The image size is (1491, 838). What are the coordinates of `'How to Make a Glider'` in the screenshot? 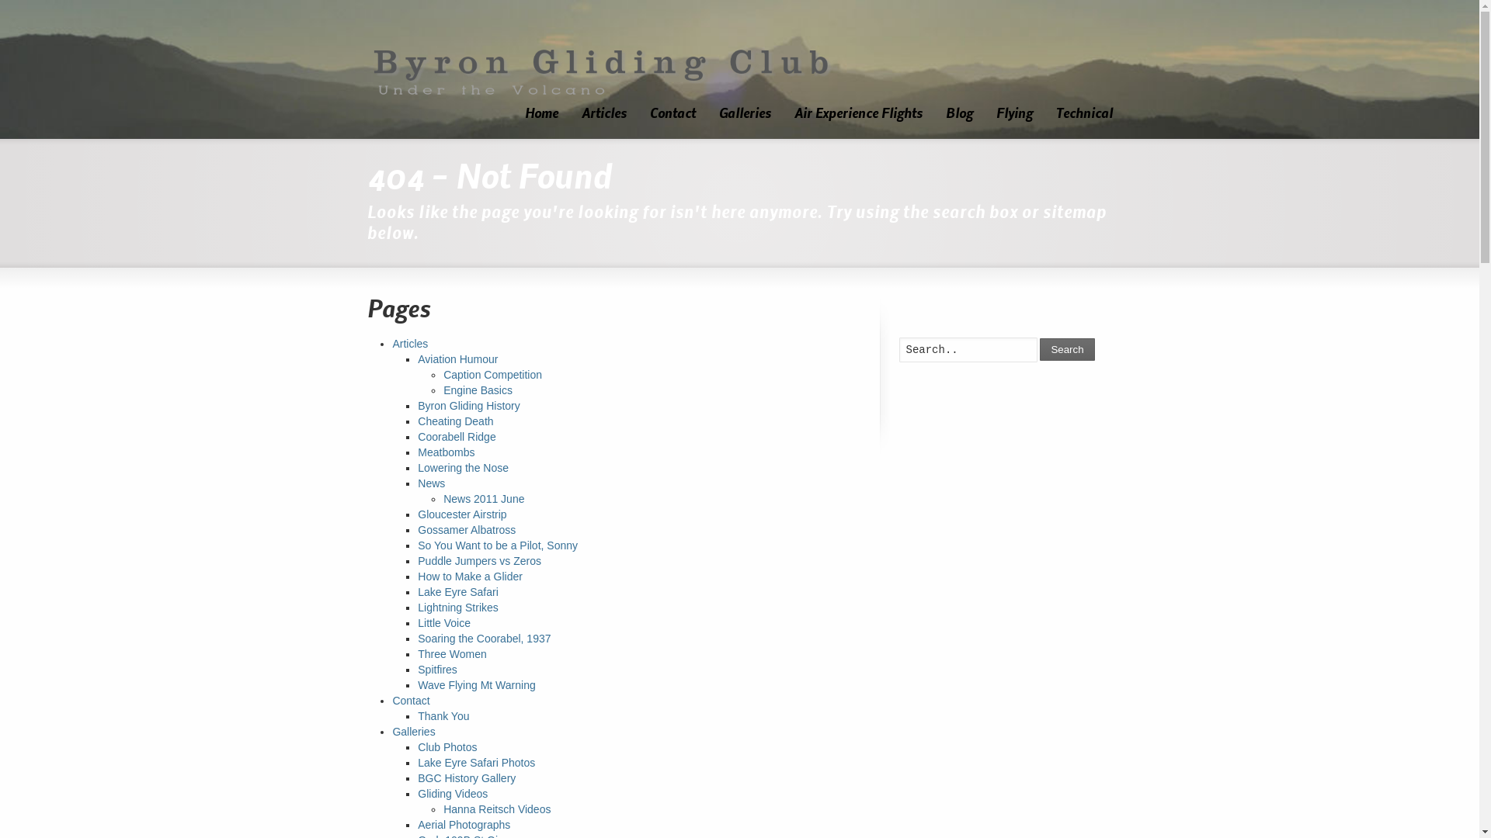 It's located at (417, 577).